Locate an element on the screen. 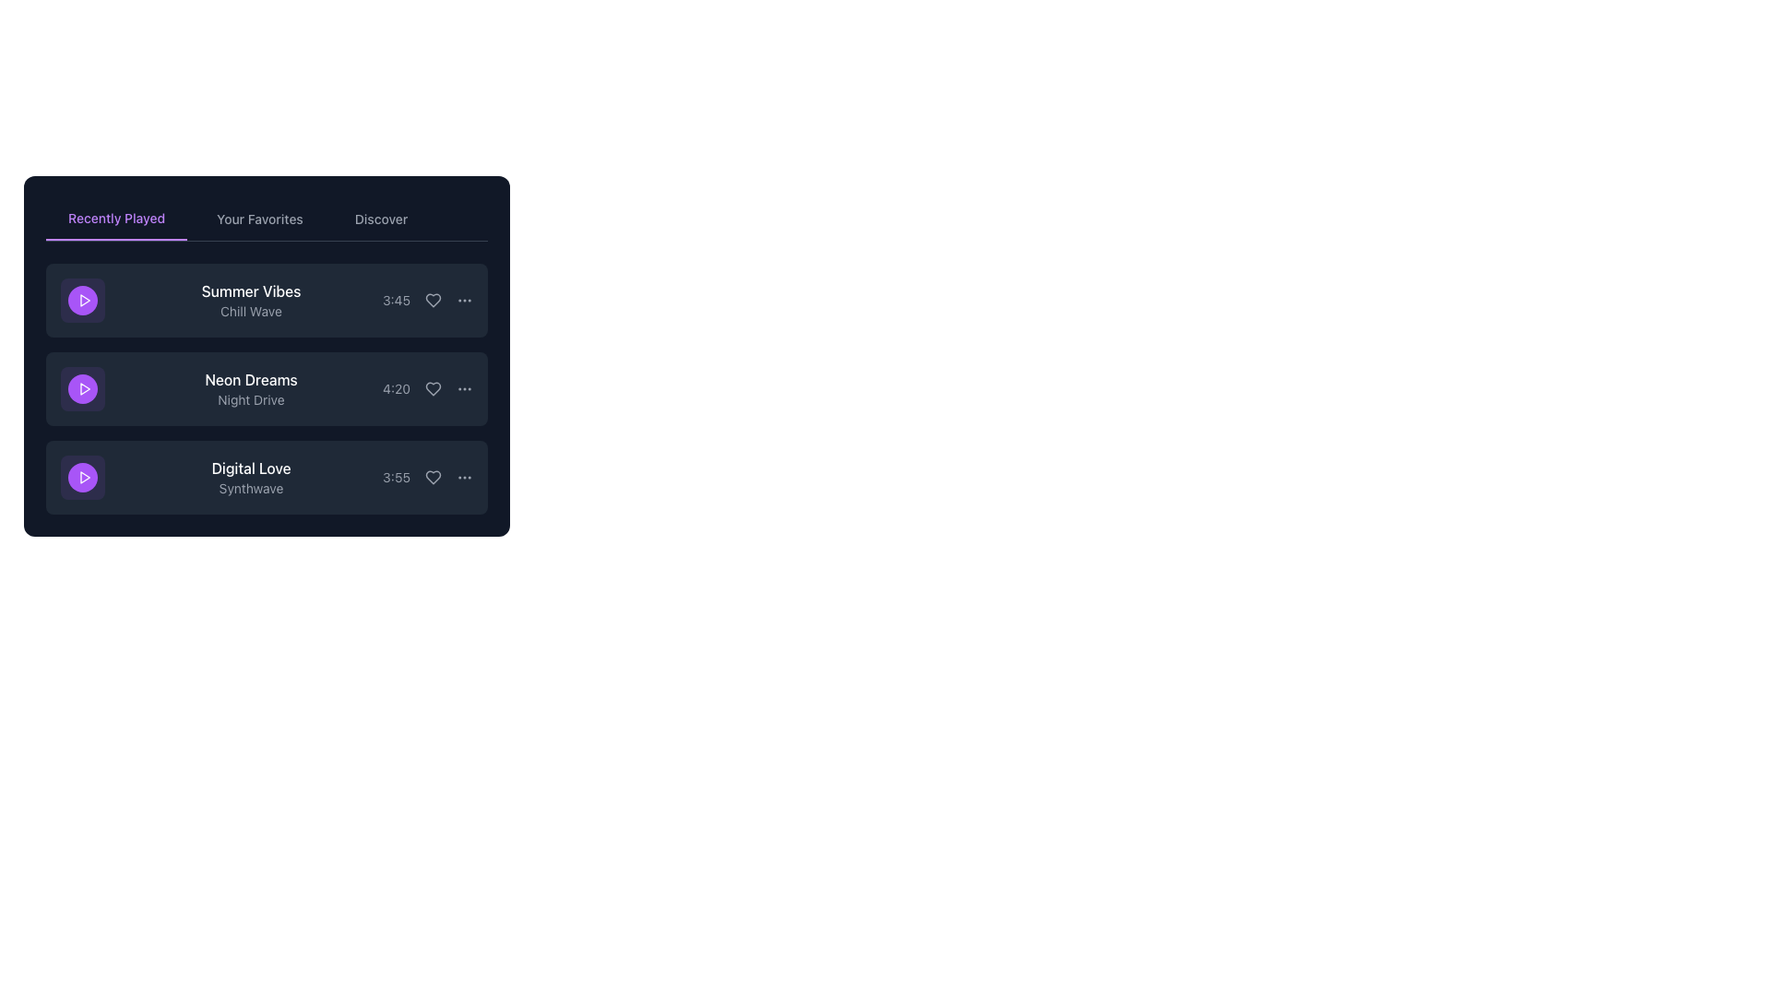  the options menu trigger button located on the far right of the 'Digital Love' playlist row, adjacent to its timestamp '3:55', to change its color is located at coordinates (465, 476).